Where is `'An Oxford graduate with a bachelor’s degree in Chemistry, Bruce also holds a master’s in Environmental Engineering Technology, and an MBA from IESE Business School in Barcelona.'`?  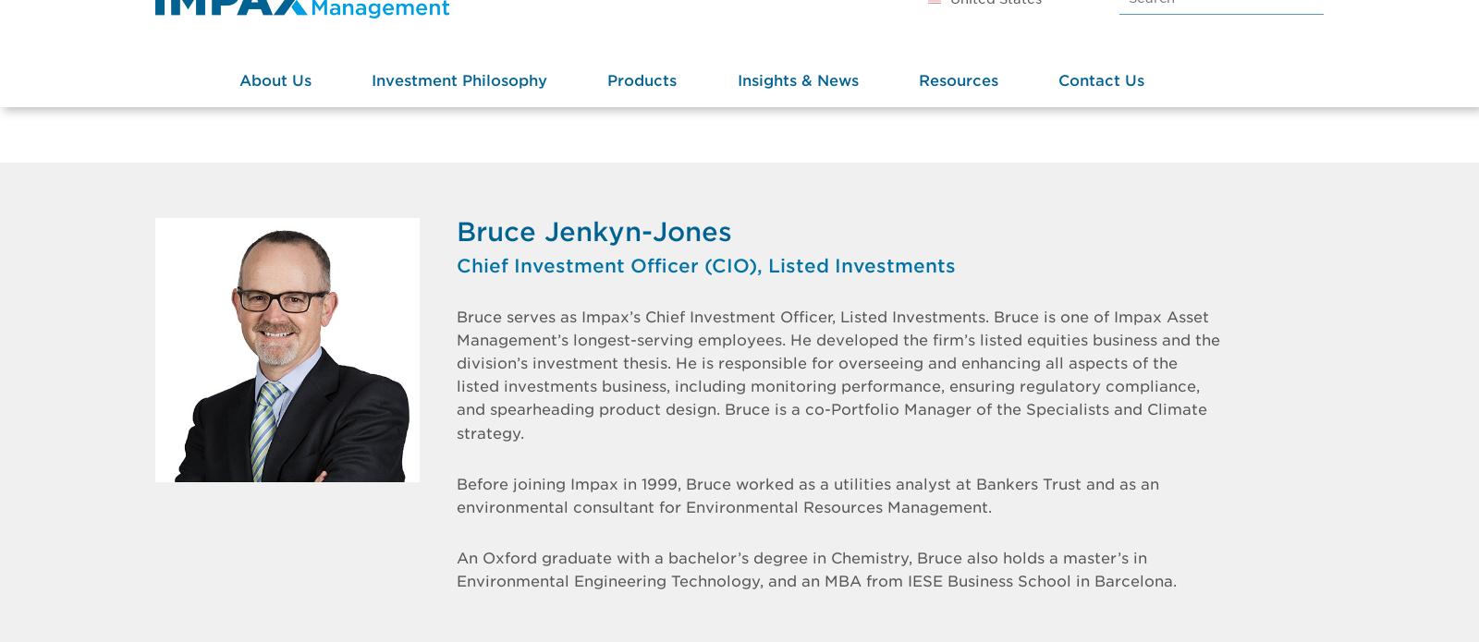 'An Oxford graduate with a bachelor’s degree in Chemistry, Bruce also holds a master’s in Environmental Engineering Technology, and an MBA from IESE Business School in Barcelona.' is located at coordinates (456, 567).